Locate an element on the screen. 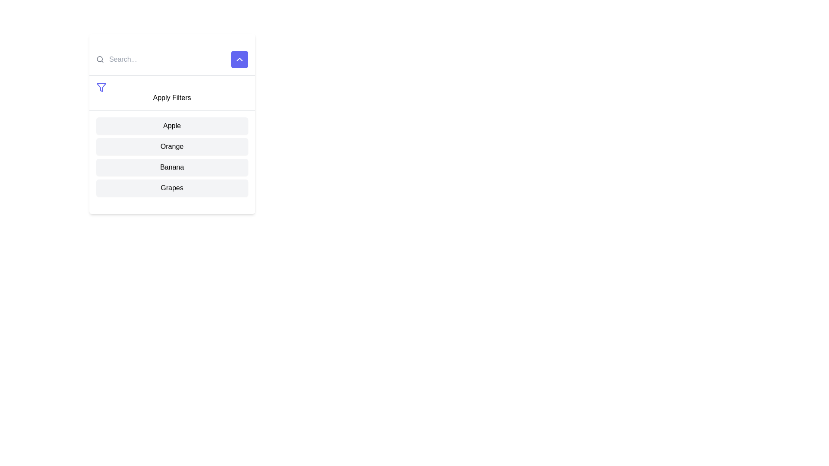  the chevron icon in the top-right corner of the user interface is located at coordinates (239, 59).